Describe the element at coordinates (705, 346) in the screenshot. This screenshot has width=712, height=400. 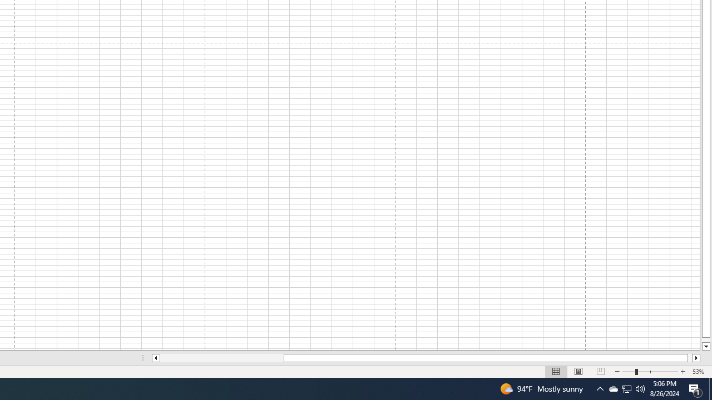
I see `'Line down'` at that location.